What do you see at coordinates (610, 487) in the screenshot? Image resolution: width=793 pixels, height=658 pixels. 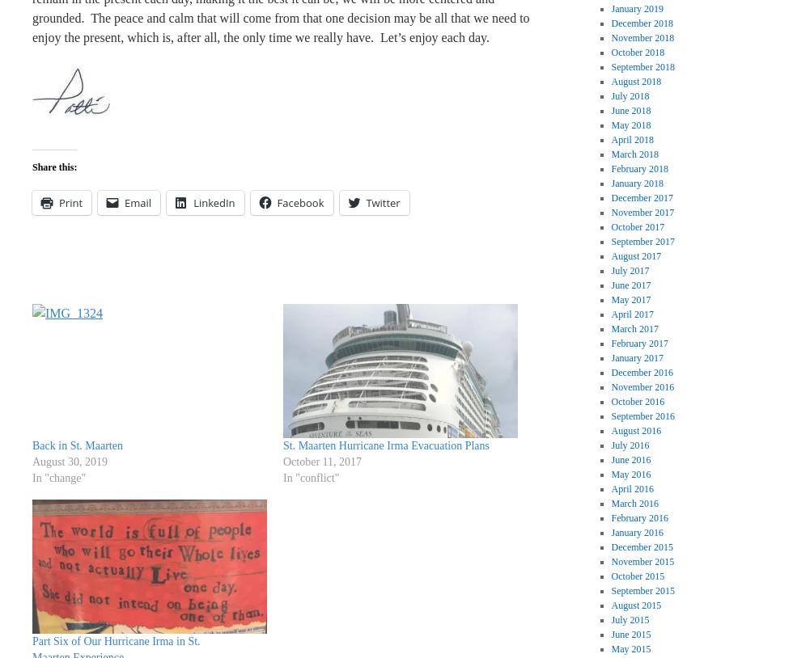 I see `'April 2016'` at bounding box center [610, 487].